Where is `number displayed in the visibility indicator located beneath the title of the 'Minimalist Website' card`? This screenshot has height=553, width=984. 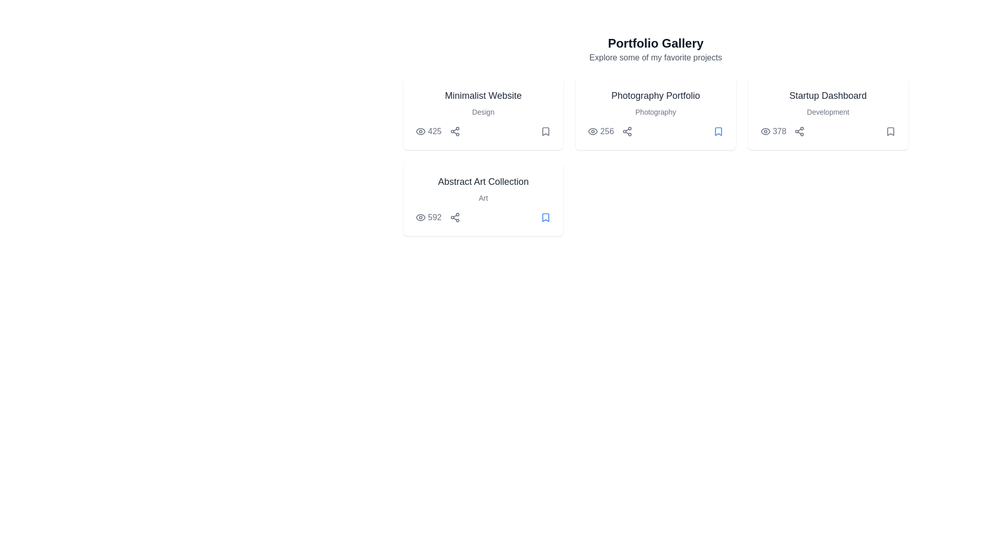
number displayed in the visibility indicator located beneath the title of the 'Minimalist Website' card is located at coordinates (428, 131).